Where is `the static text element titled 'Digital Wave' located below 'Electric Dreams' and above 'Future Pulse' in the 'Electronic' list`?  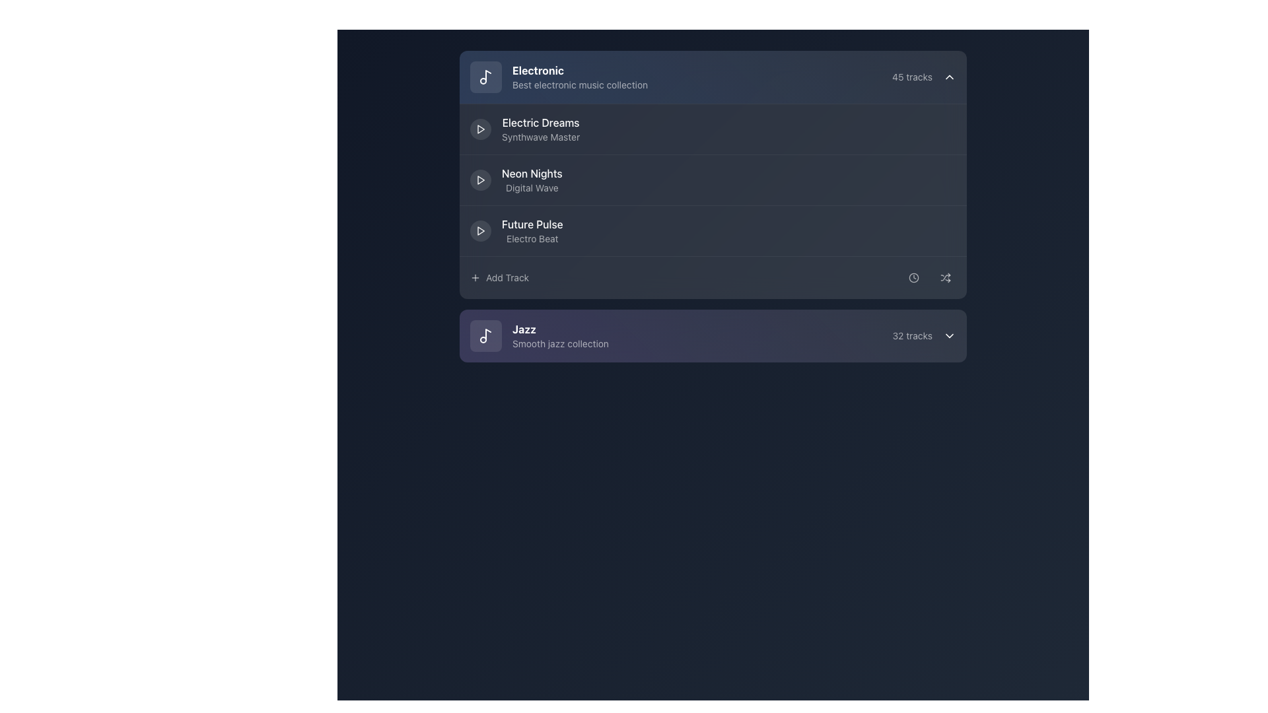
the static text element titled 'Digital Wave' located below 'Electric Dreams' and above 'Future Pulse' in the 'Electronic' list is located at coordinates (532, 172).